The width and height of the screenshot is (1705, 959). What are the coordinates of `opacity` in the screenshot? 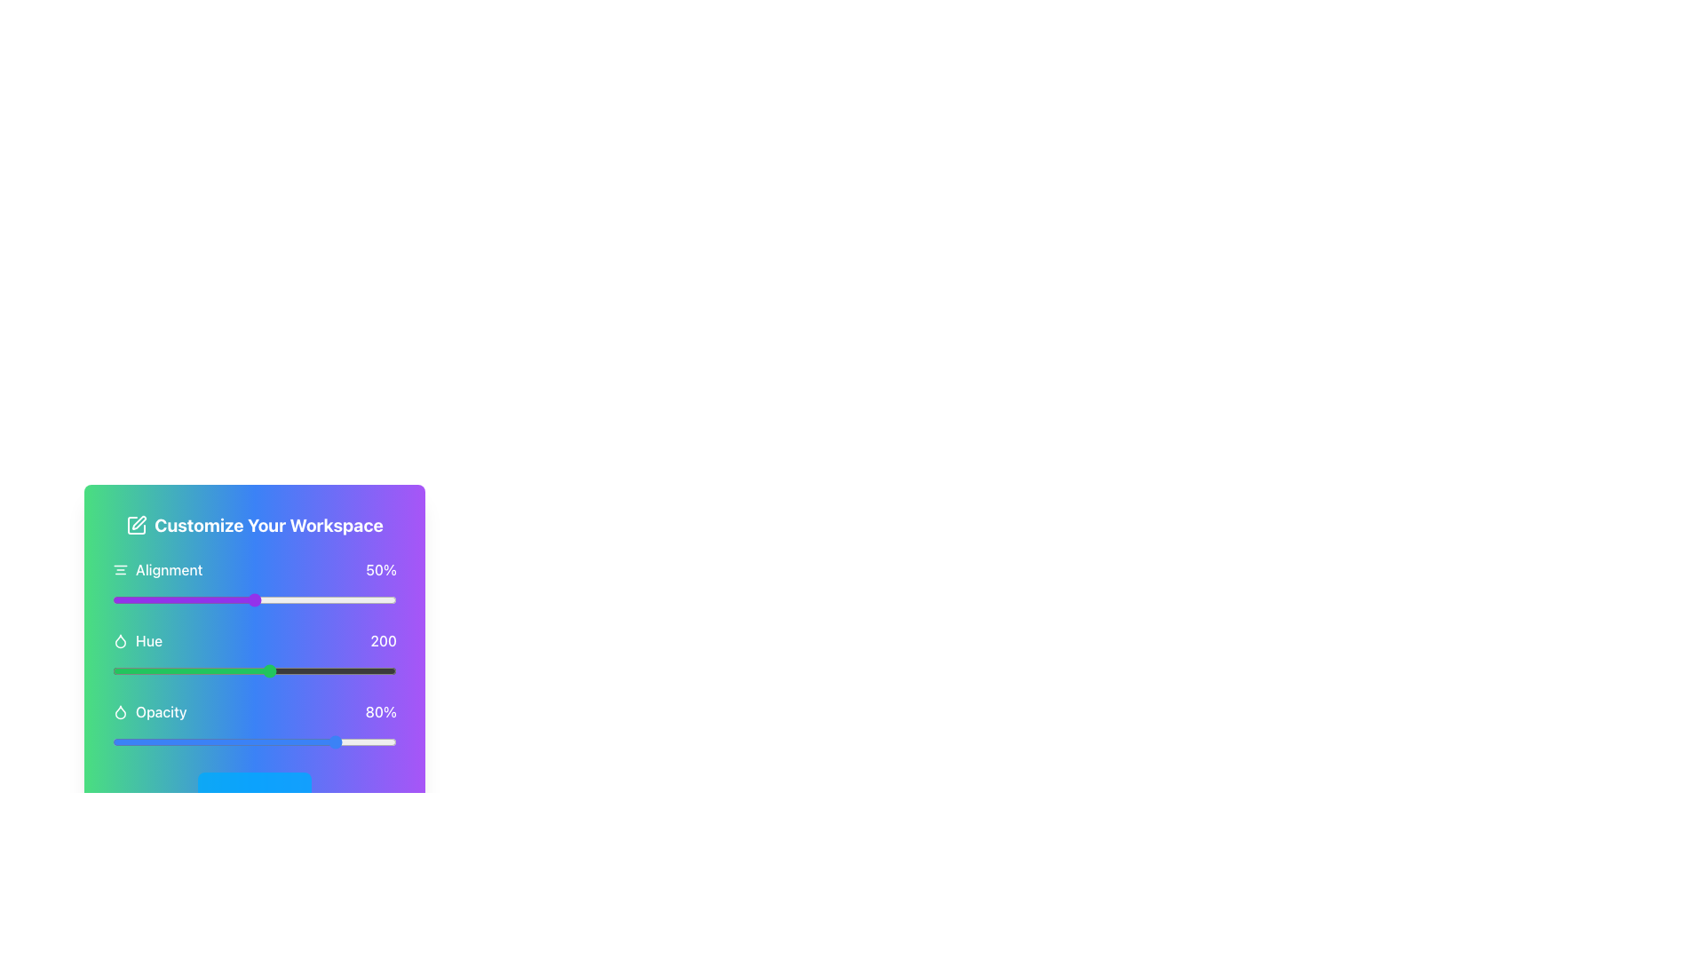 It's located at (257, 742).